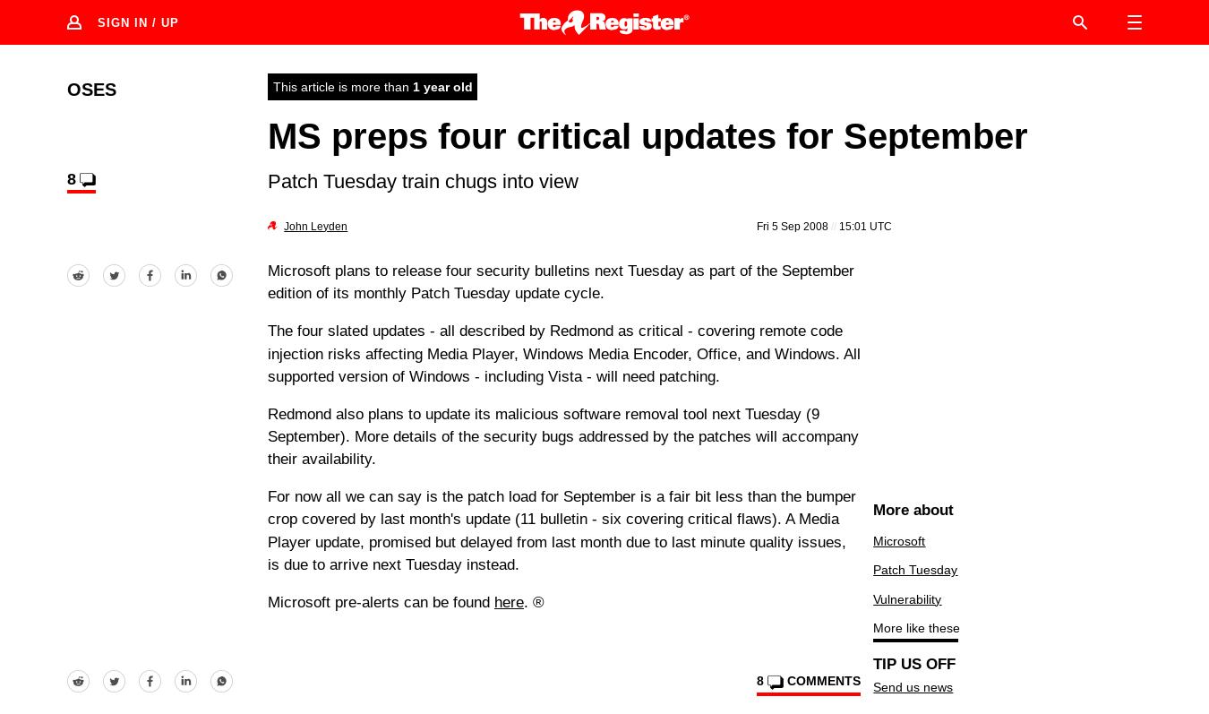 This screenshot has width=1209, height=714. What do you see at coordinates (914, 569) in the screenshot?
I see `'Patch Tuesday'` at bounding box center [914, 569].